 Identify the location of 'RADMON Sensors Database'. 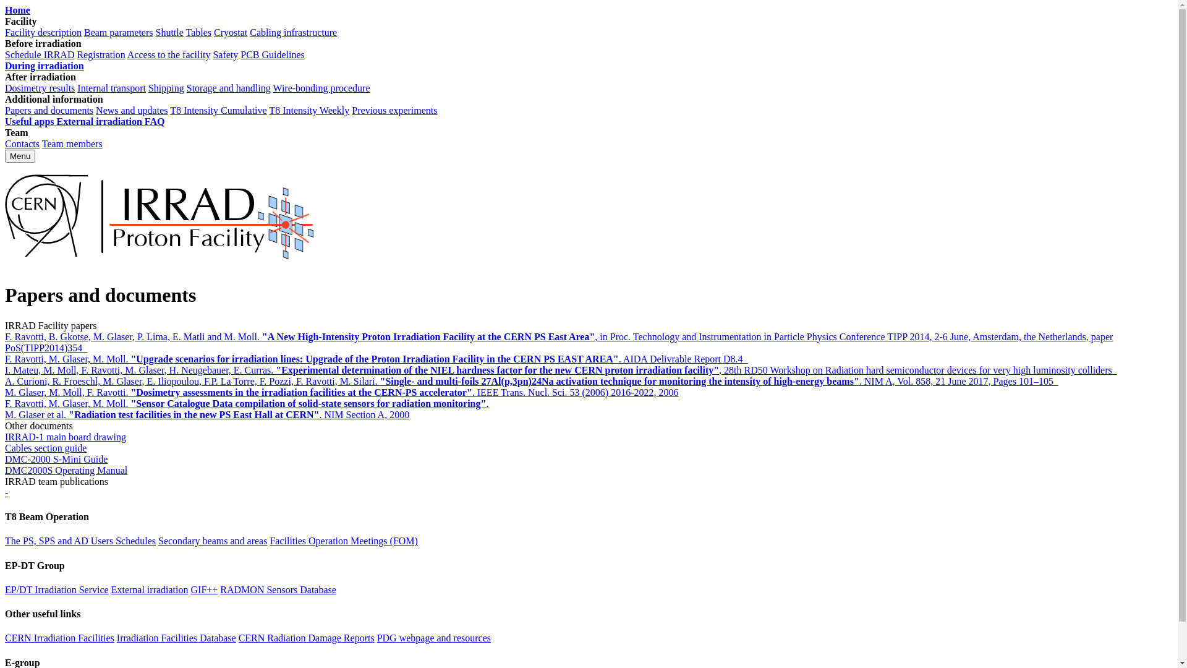
(278, 589).